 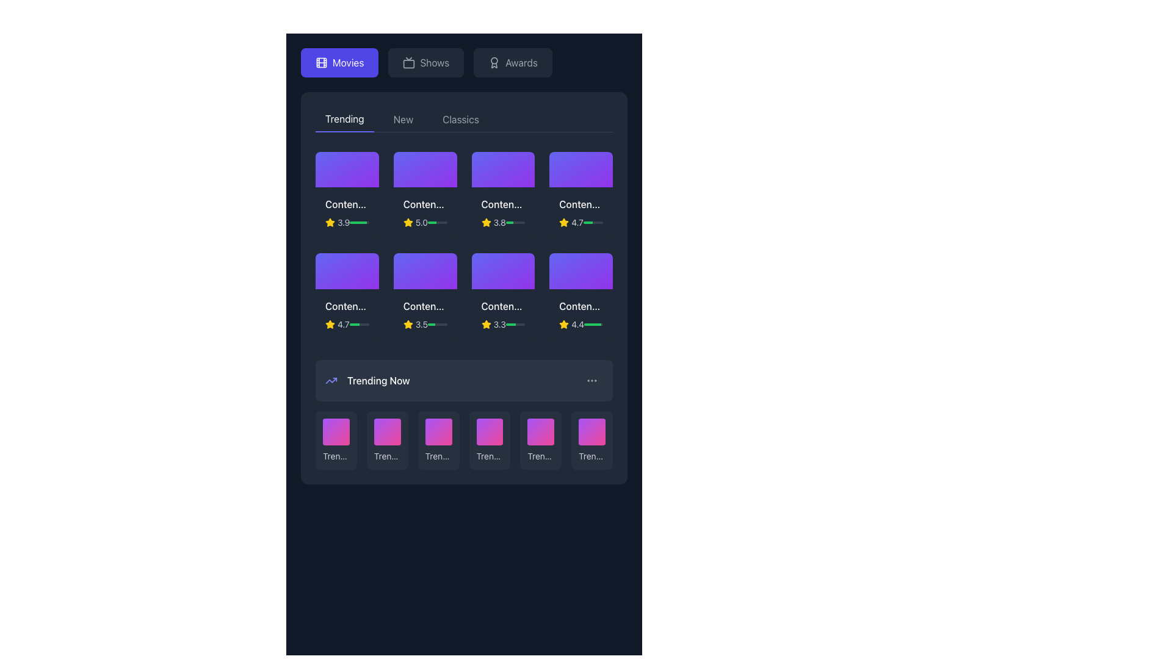 I want to click on the Rating star icon located in the 'Trending' section under the movie's thumbnail to interact with the rating system, so click(x=330, y=323).